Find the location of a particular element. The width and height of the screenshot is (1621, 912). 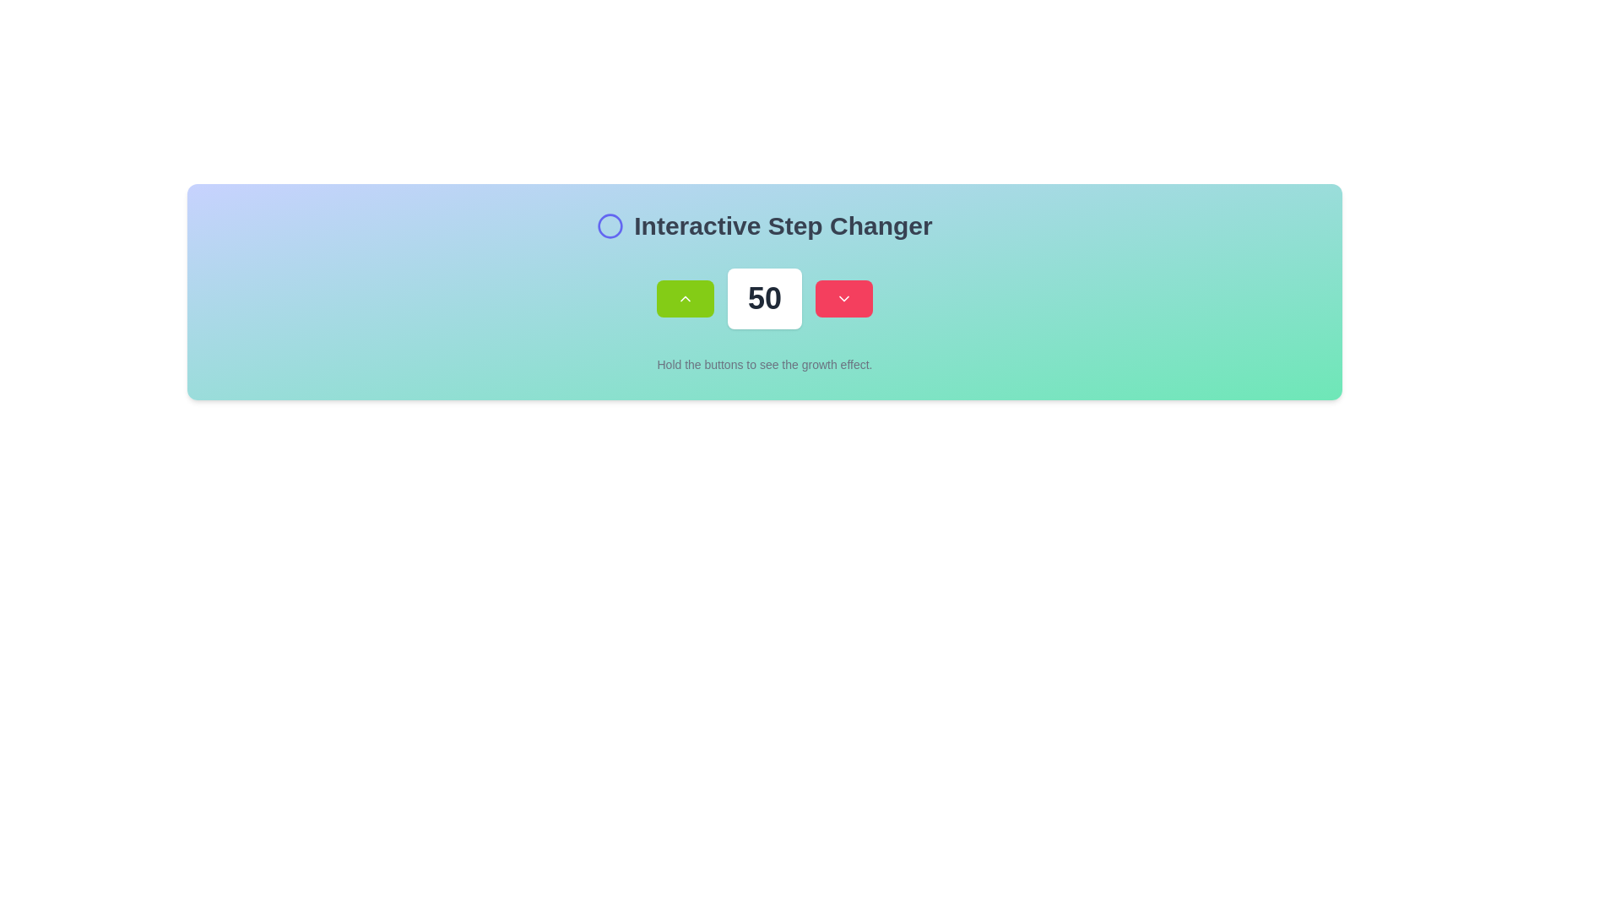

the increment button located on the left side of the group containing the number '50' to activate its hover styling is located at coordinates (685, 298).